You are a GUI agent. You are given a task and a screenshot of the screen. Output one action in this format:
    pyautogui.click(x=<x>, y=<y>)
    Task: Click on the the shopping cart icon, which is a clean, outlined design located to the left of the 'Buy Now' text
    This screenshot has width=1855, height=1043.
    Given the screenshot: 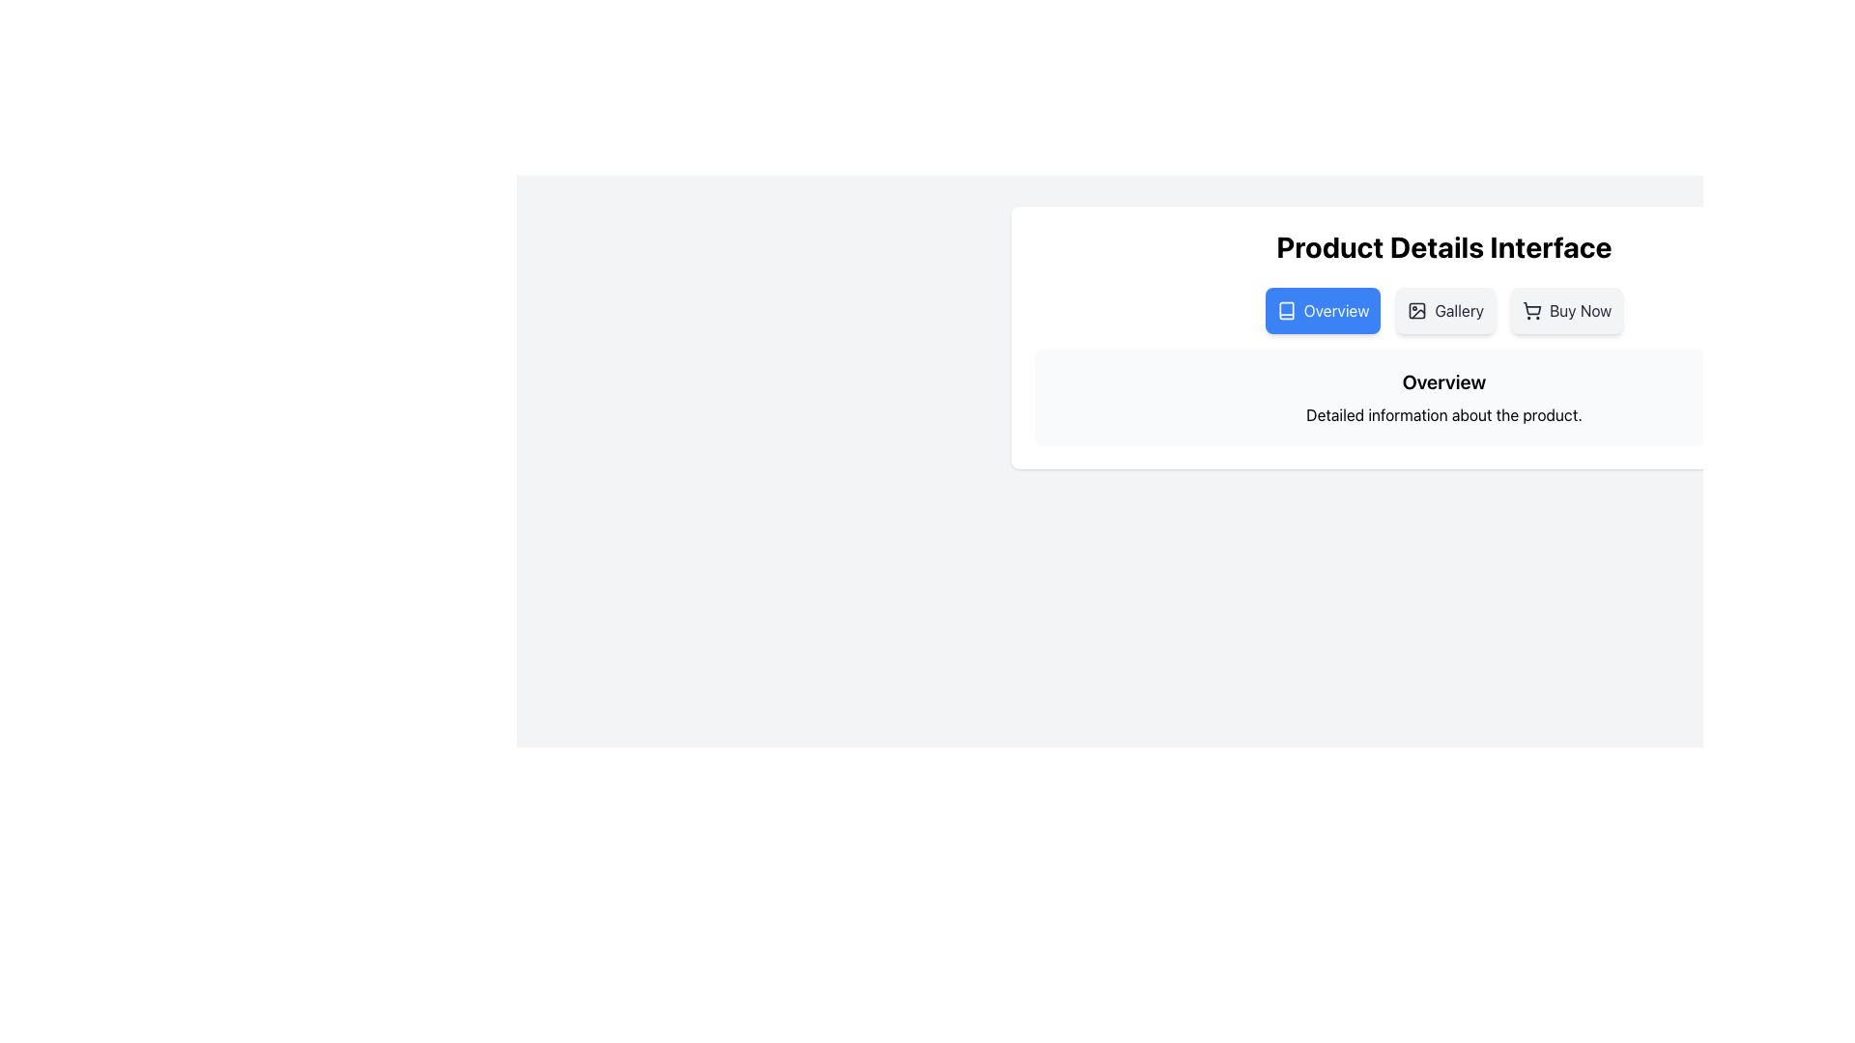 What is the action you would take?
    pyautogui.click(x=1531, y=309)
    